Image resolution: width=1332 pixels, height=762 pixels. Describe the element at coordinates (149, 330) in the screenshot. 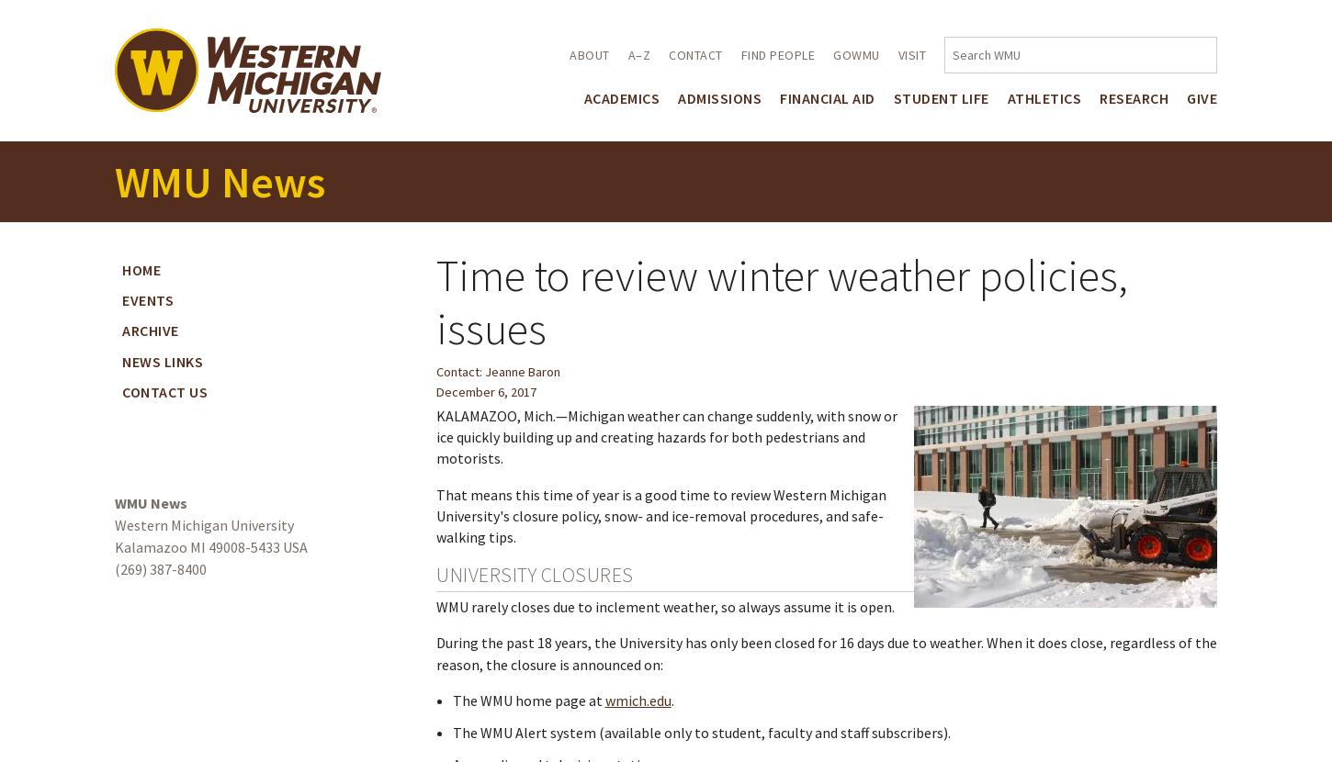

I see `'Archive'` at that location.